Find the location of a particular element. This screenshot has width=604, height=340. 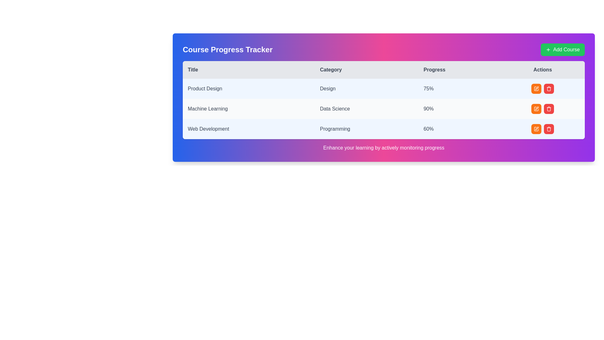

the first edit button in the 'Actions' column of the table corresponding to the 'Product Design' row is located at coordinates (536, 88).